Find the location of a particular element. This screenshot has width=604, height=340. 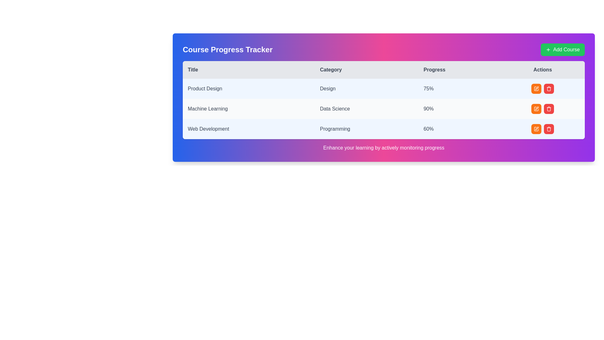

the first edit button in the 'Actions' column of the table corresponding to the 'Product Design' row is located at coordinates (536, 88).